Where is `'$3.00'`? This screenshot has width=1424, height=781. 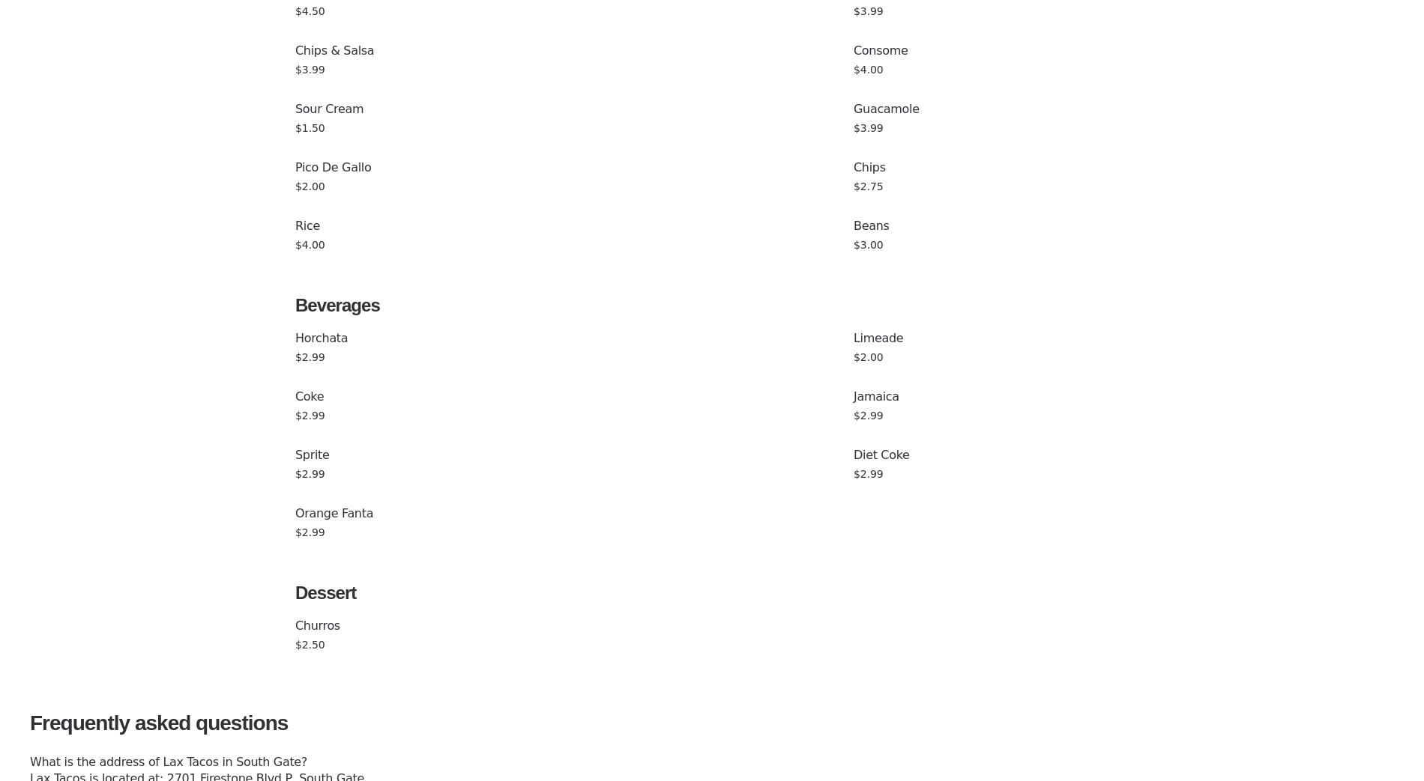 '$3.00' is located at coordinates (868, 243).